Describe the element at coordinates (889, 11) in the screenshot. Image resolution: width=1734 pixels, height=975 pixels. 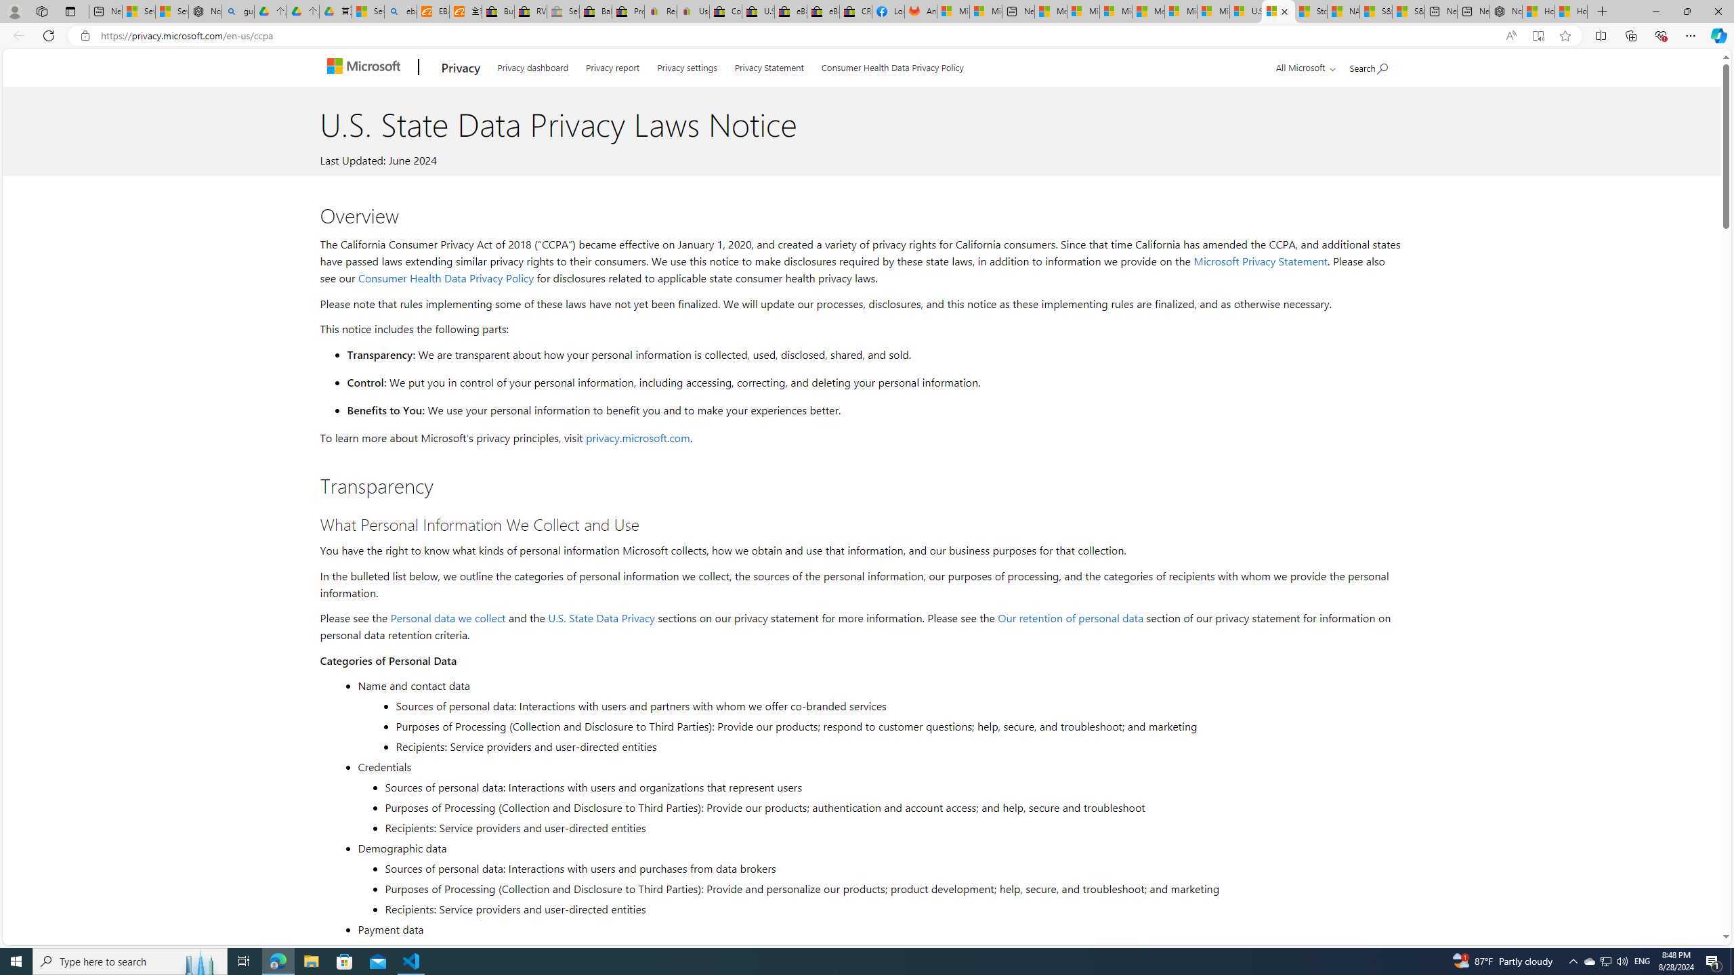
I see `'Log into Facebook'` at that location.